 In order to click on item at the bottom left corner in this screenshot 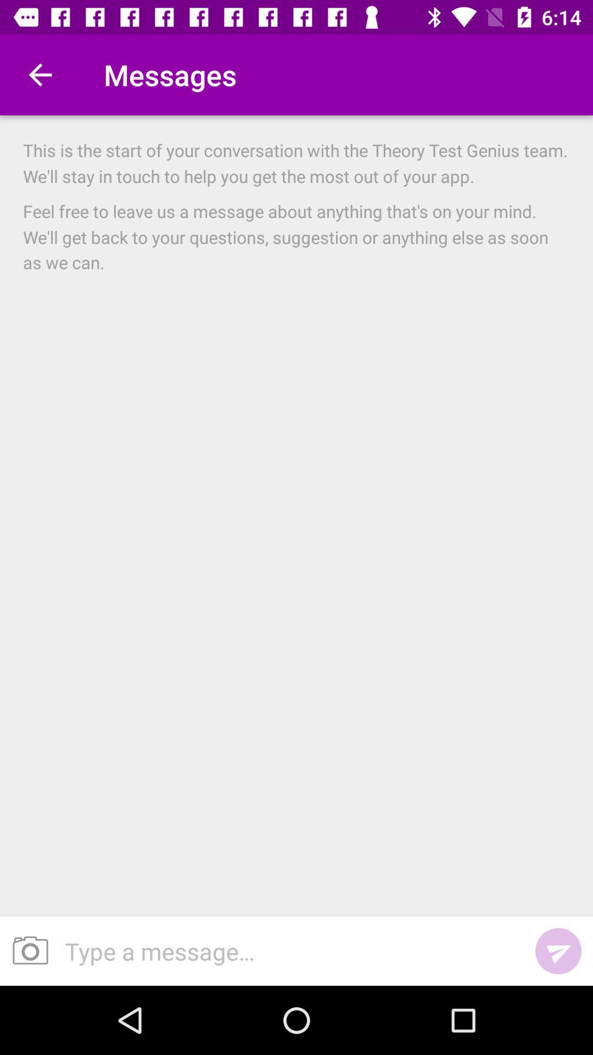, I will do `click(26, 951)`.